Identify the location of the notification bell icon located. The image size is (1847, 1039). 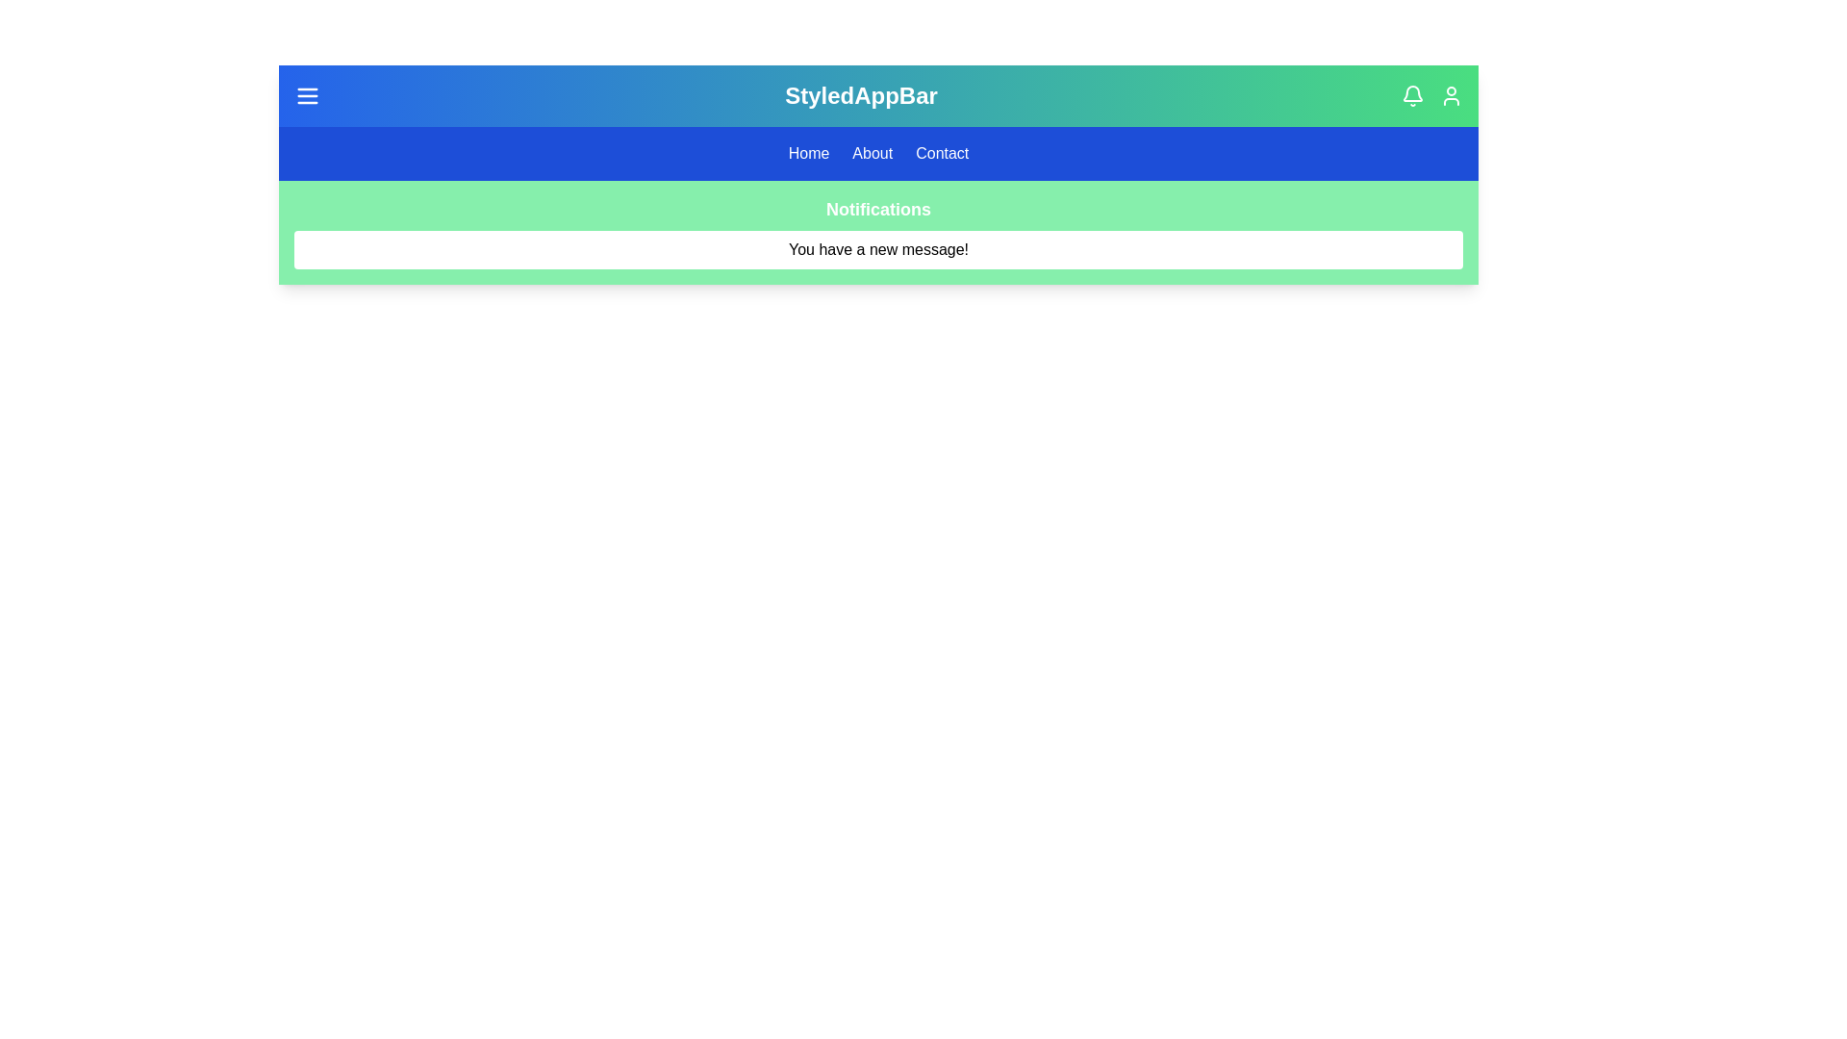
(1412, 96).